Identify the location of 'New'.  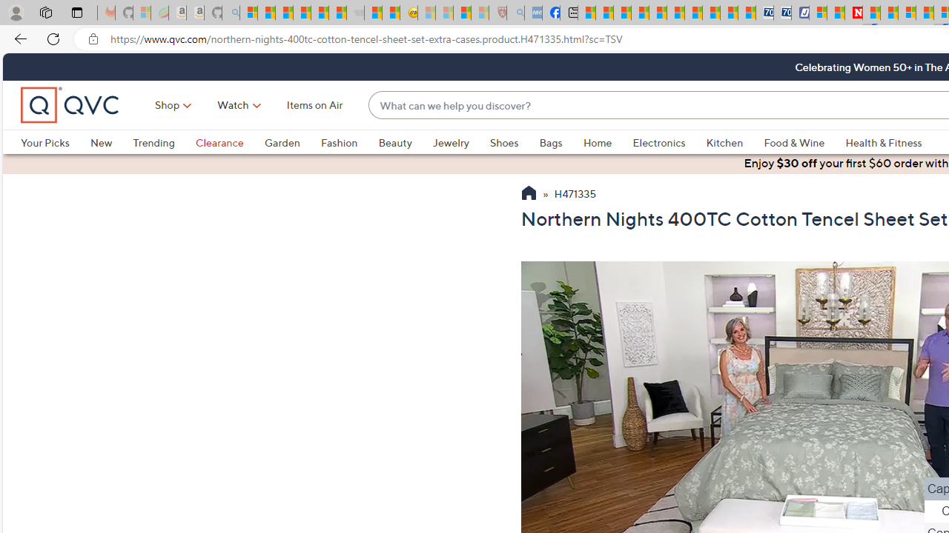
(100, 142).